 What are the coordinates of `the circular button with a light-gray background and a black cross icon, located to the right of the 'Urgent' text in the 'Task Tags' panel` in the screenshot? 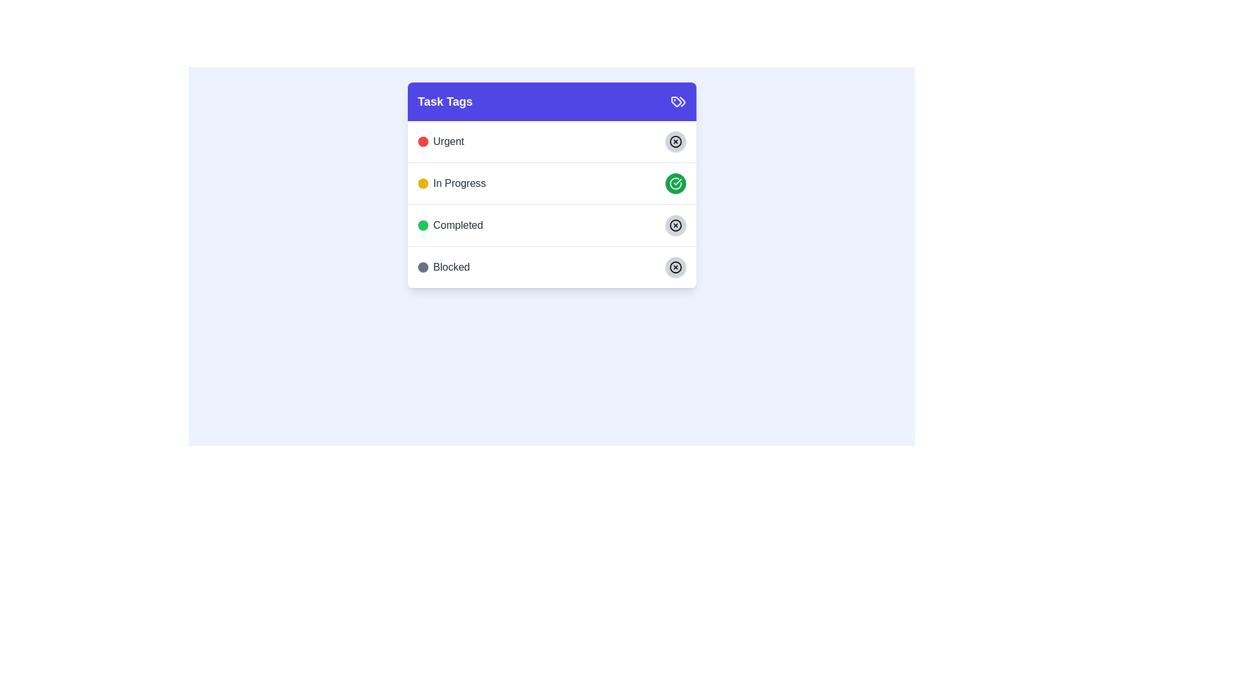 It's located at (675, 141).